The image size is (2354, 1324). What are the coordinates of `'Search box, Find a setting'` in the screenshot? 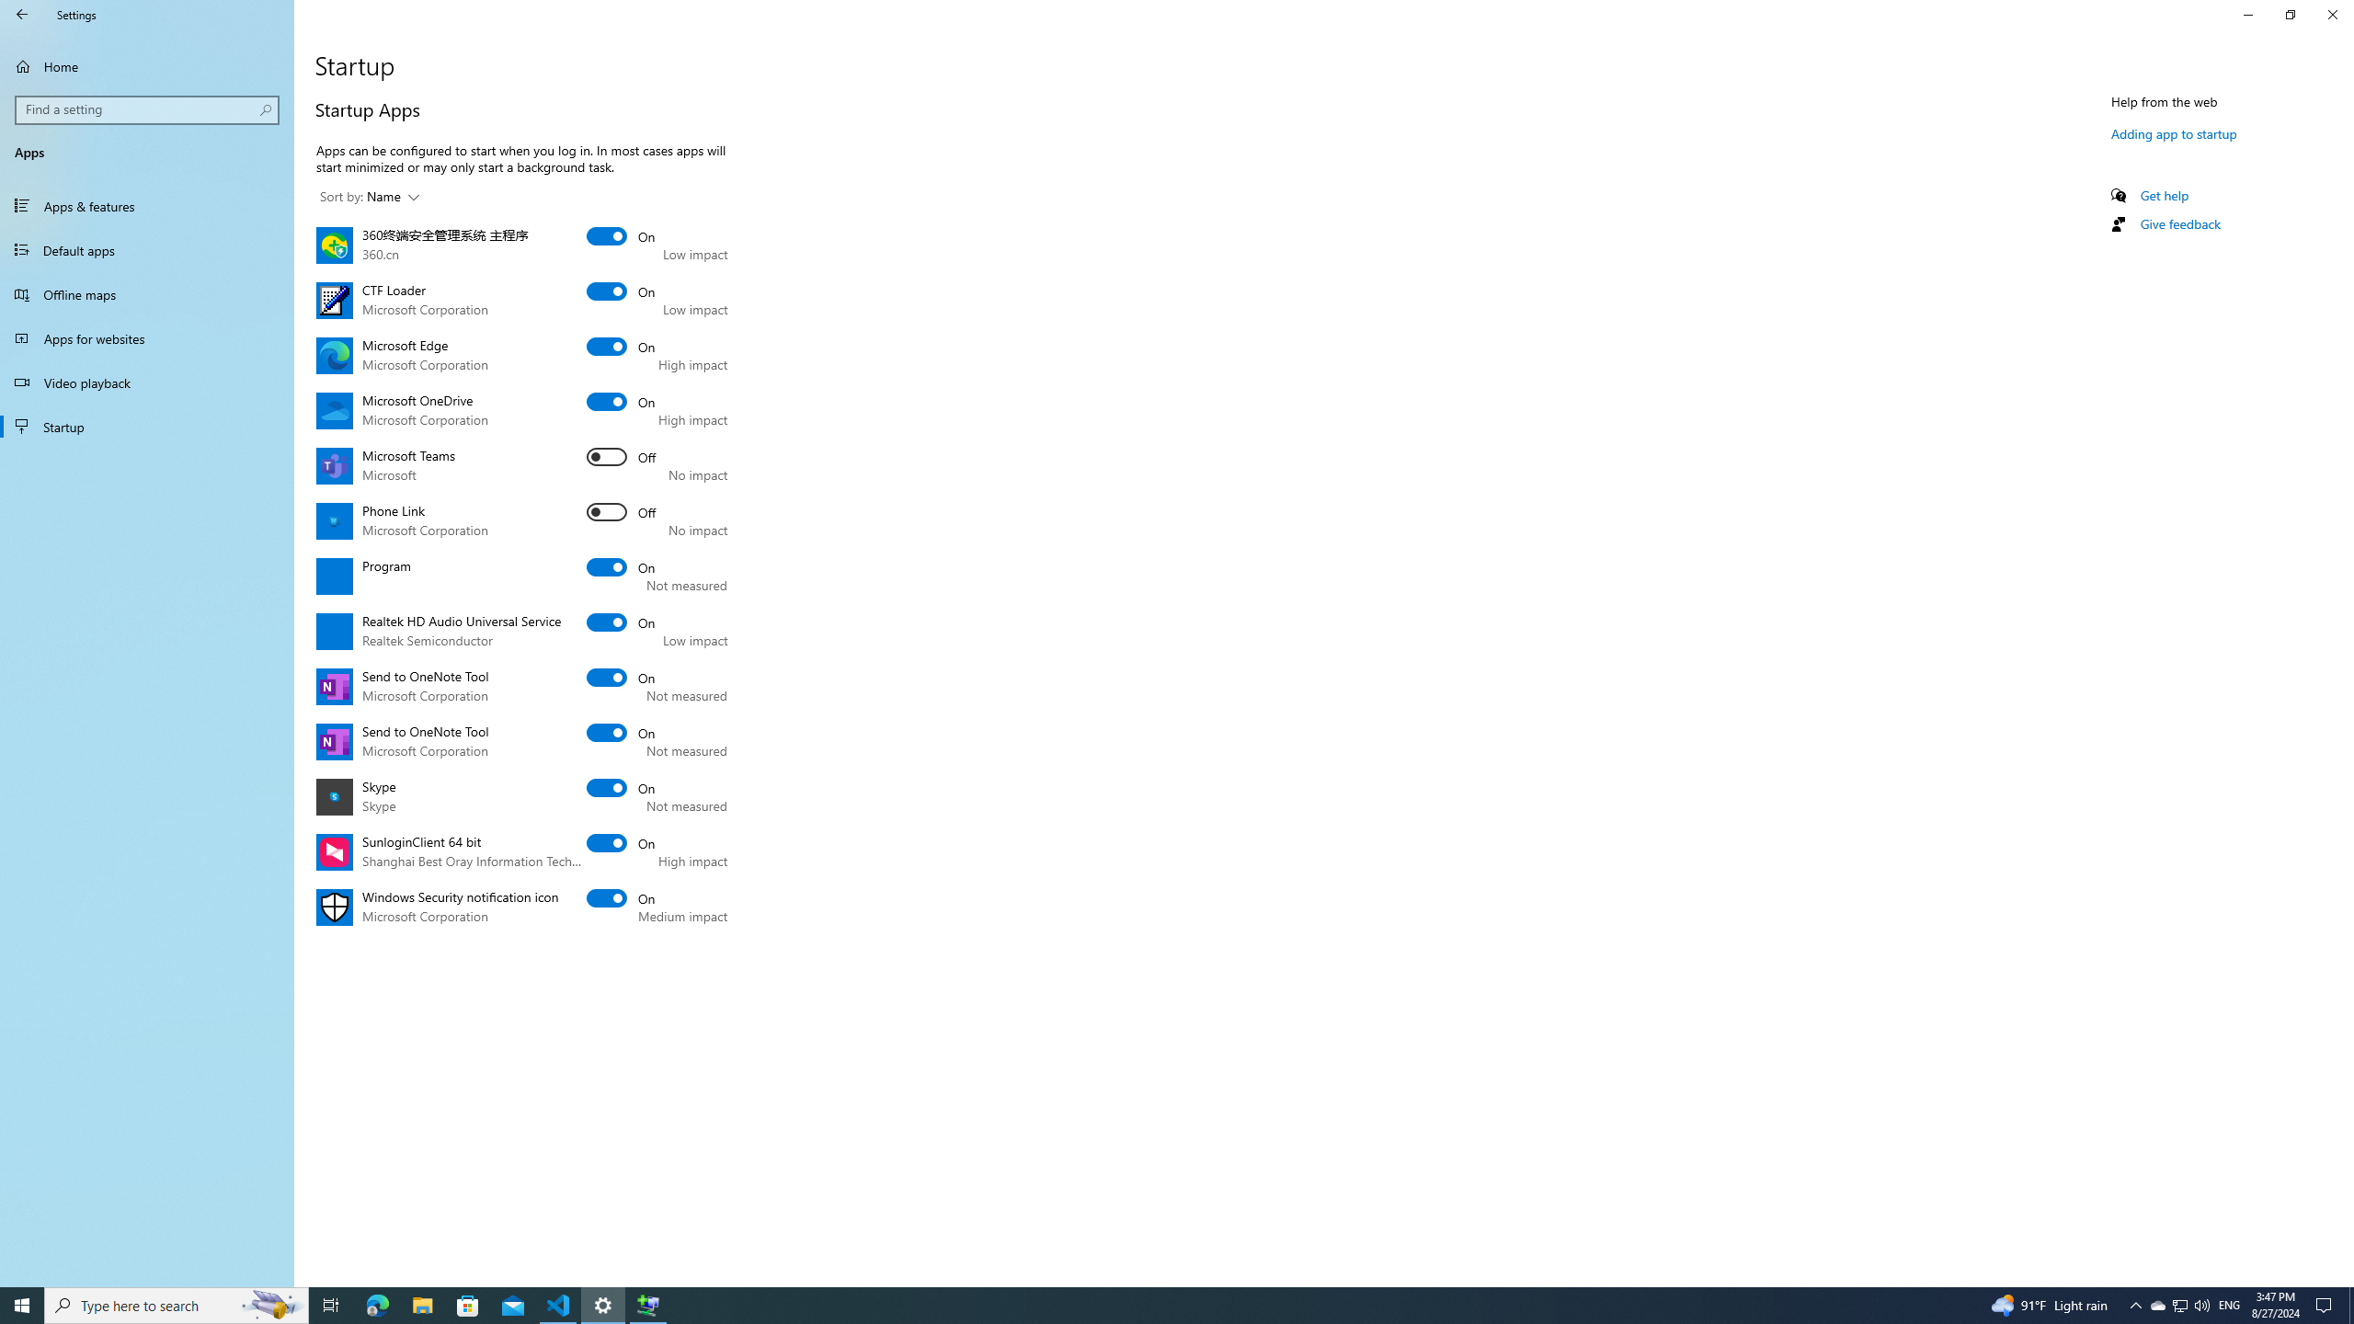 It's located at (147, 108).